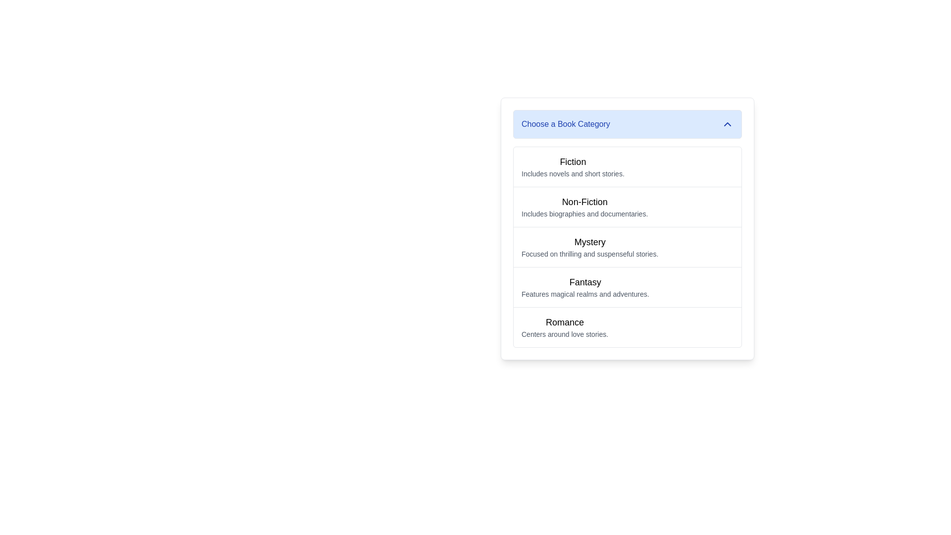  What do you see at coordinates (627, 327) in the screenshot?
I see `the selectable category item for 'Romance' in the list of book genres` at bounding box center [627, 327].